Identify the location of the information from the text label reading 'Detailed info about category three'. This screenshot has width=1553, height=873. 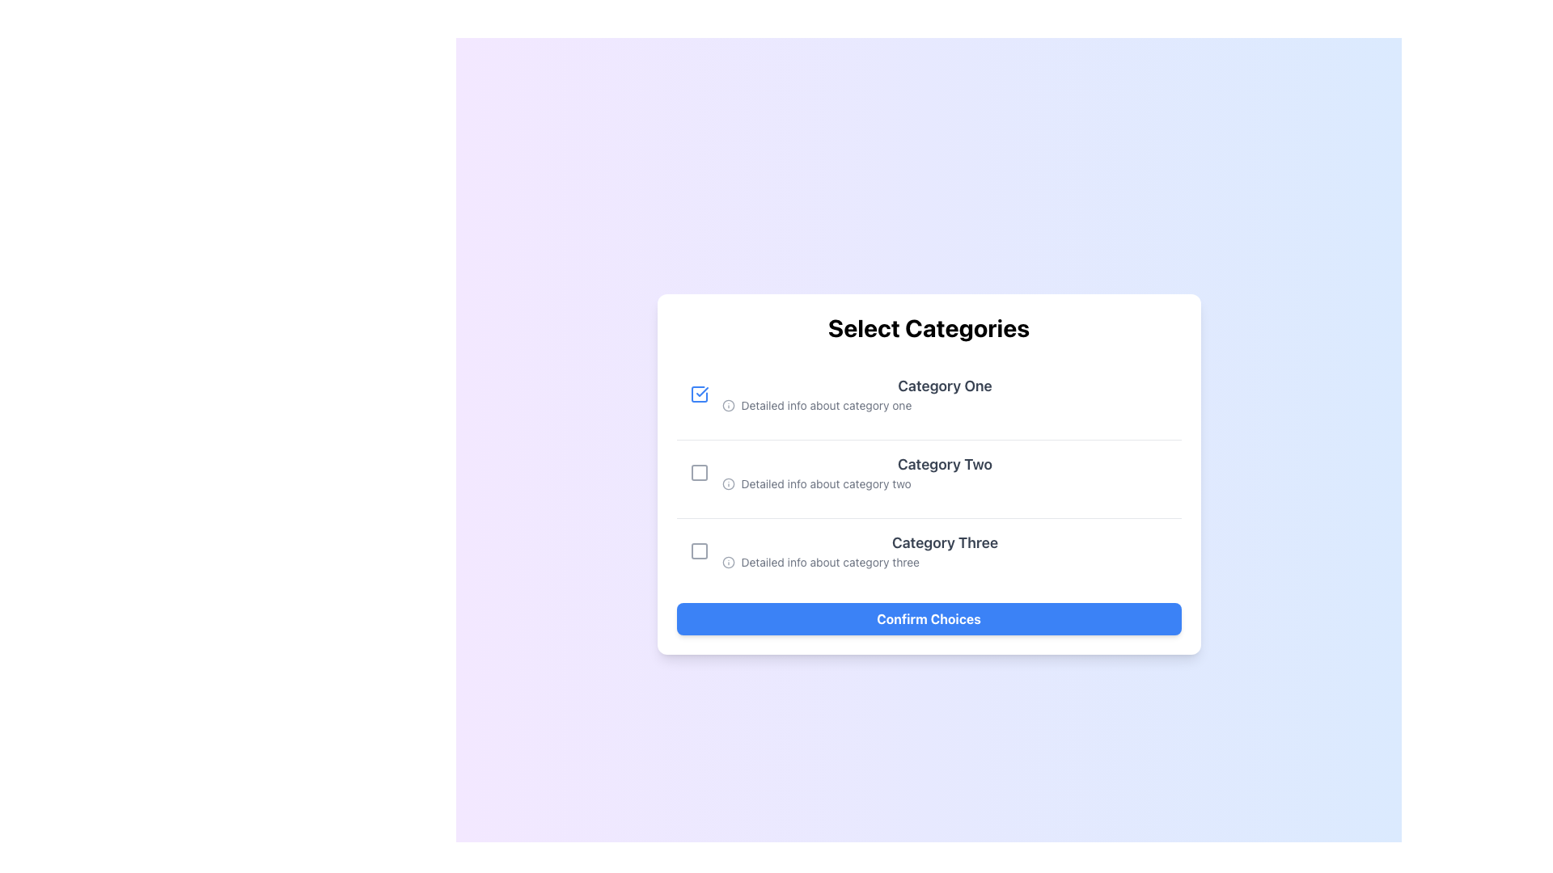
(945, 561).